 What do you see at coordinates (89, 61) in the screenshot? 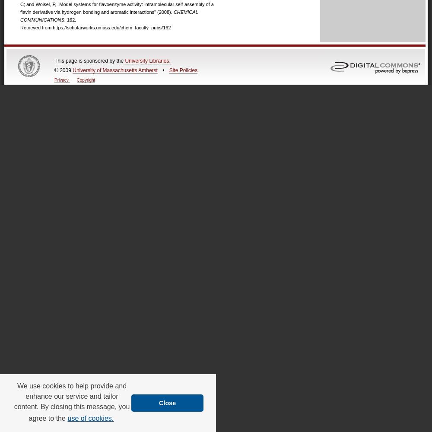
I see `'This page is sponsored by the'` at bounding box center [89, 61].